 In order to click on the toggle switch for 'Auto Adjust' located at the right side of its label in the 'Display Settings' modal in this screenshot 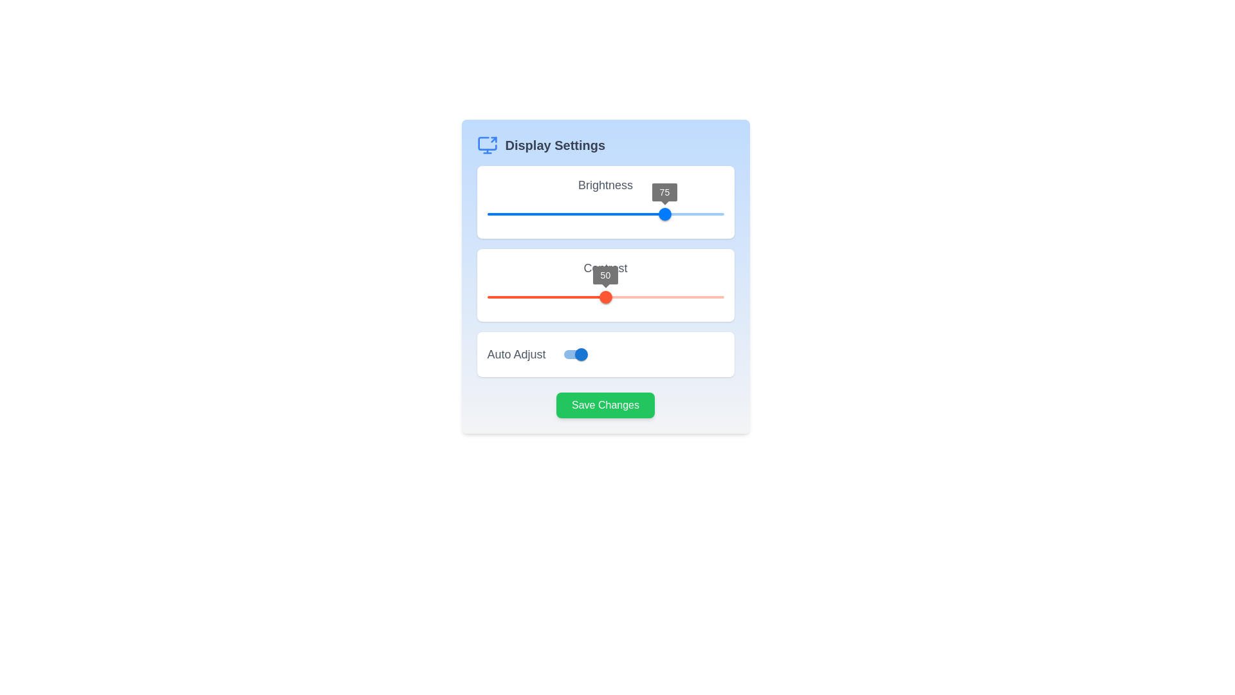, I will do `click(580, 355)`.